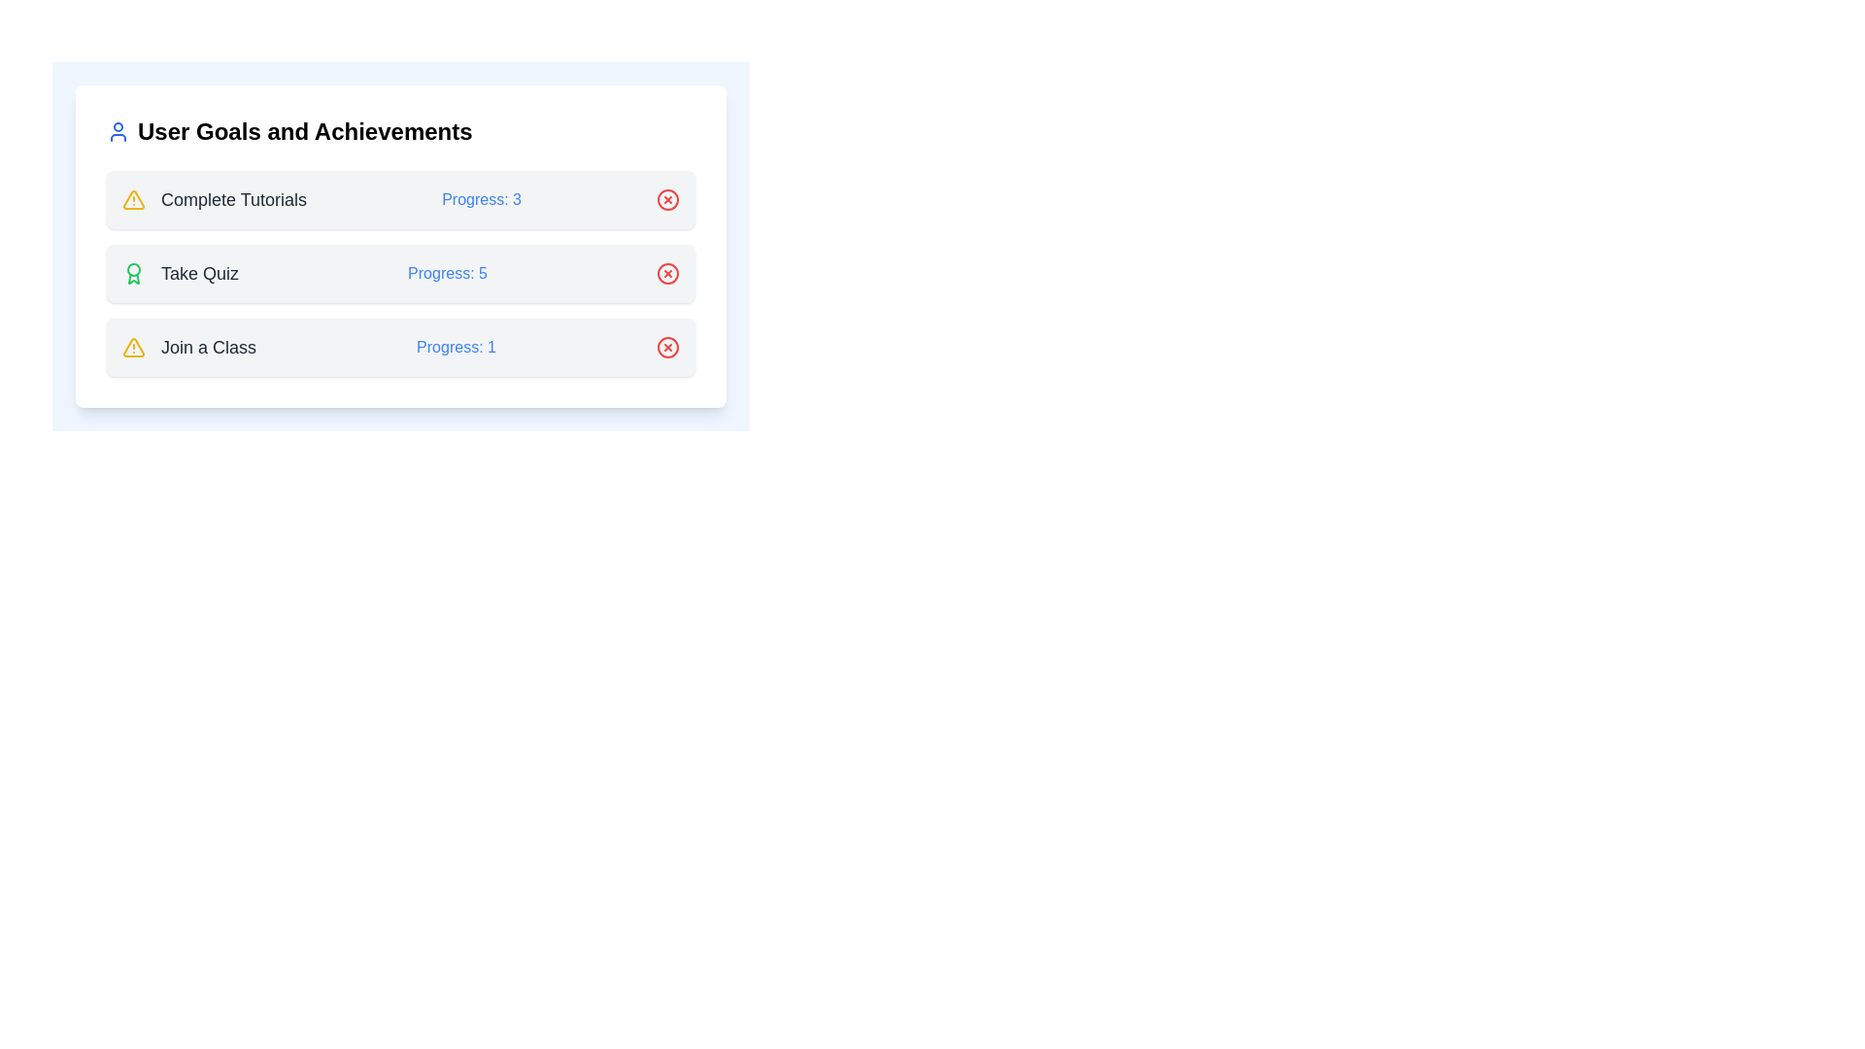 This screenshot has width=1865, height=1049. Describe the element at coordinates (133, 279) in the screenshot. I see `the award iconographic graphical element within the 'Take Quiz' item in the list, which symbolizes success or completion` at that location.